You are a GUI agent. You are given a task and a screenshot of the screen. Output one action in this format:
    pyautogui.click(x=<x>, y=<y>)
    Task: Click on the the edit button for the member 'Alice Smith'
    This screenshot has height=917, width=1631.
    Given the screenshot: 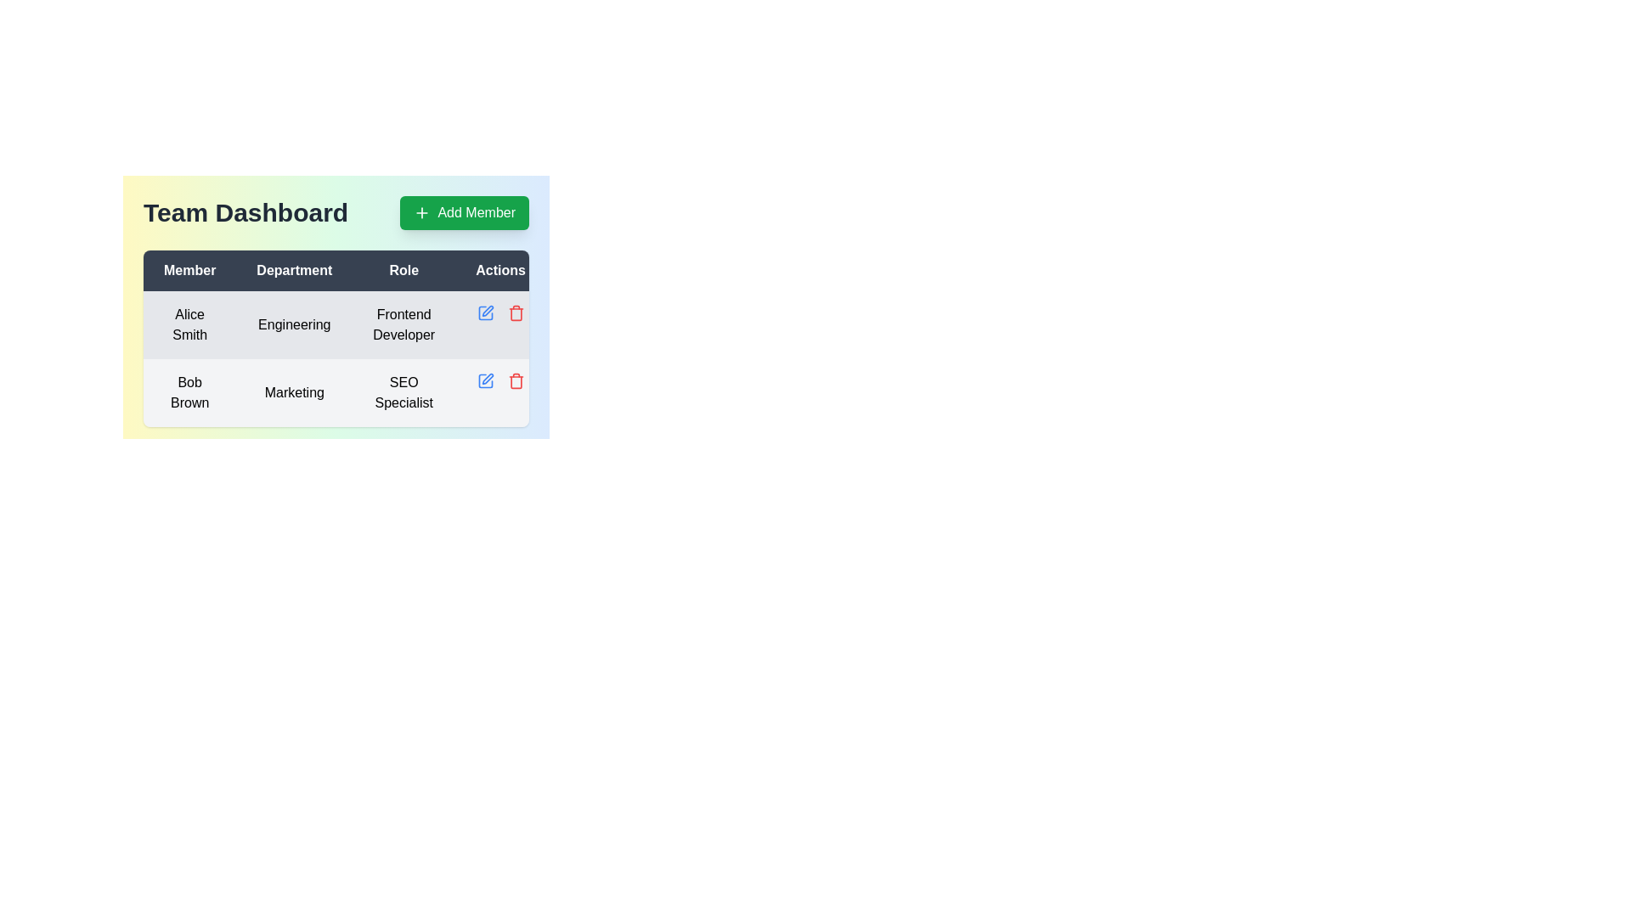 What is the action you would take?
    pyautogui.click(x=484, y=313)
    